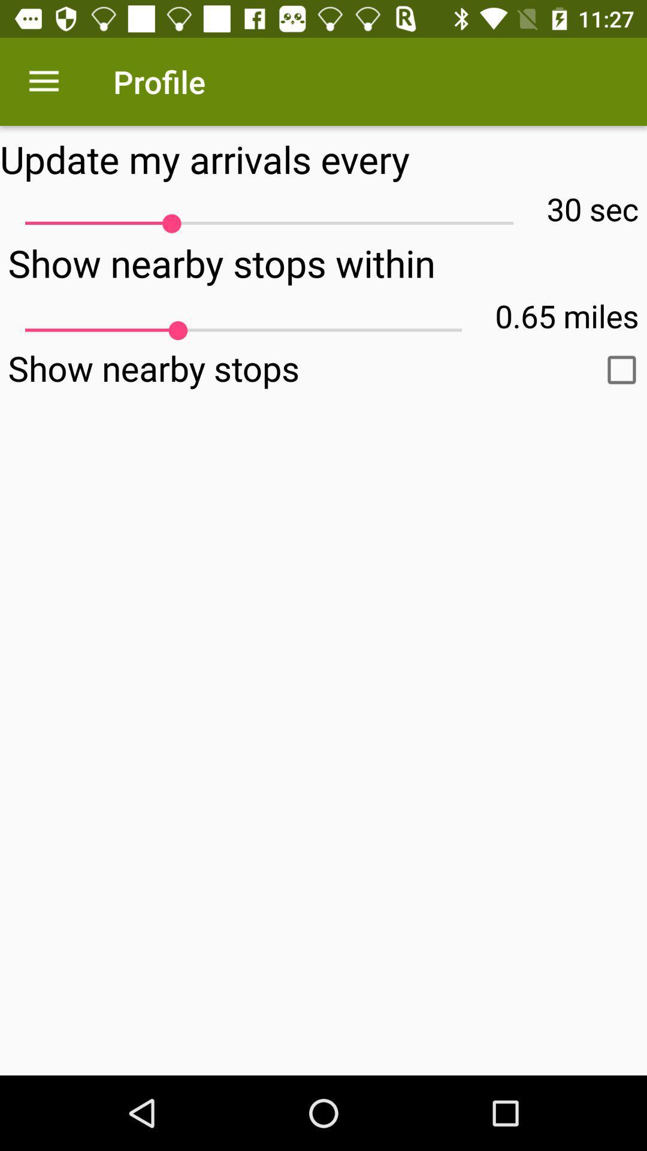 Image resolution: width=647 pixels, height=1151 pixels. I want to click on selection choice, so click(621, 369).